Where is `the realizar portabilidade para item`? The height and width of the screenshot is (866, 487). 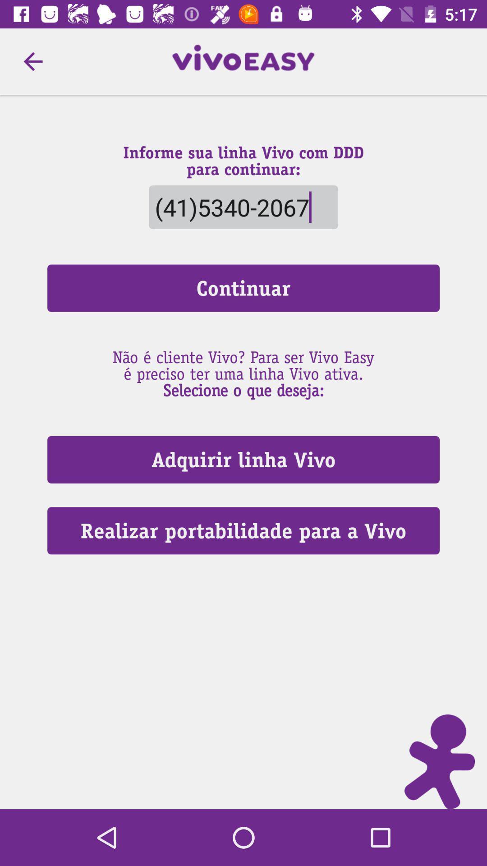
the realizar portabilidade para item is located at coordinates (243, 530).